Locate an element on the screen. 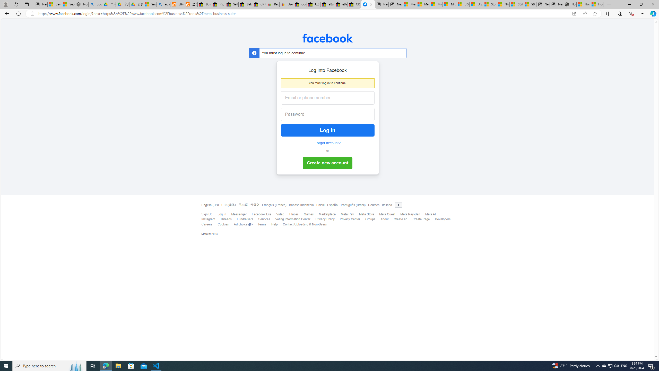  'Create ad' is located at coordinates (400, 219).